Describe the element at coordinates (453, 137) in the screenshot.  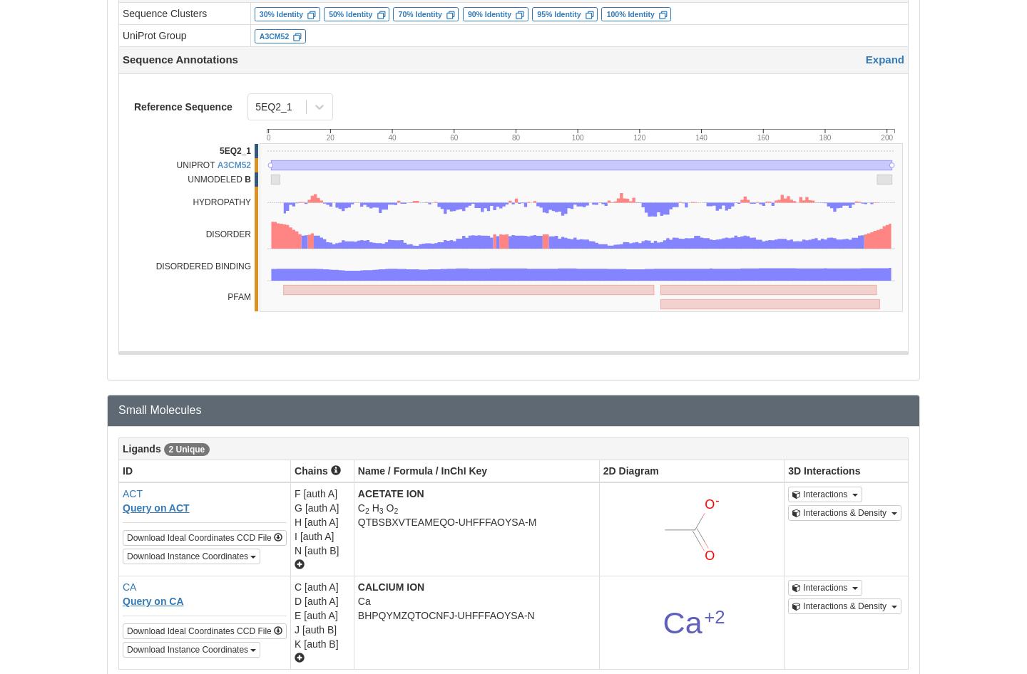
I see `'60'` at that location.